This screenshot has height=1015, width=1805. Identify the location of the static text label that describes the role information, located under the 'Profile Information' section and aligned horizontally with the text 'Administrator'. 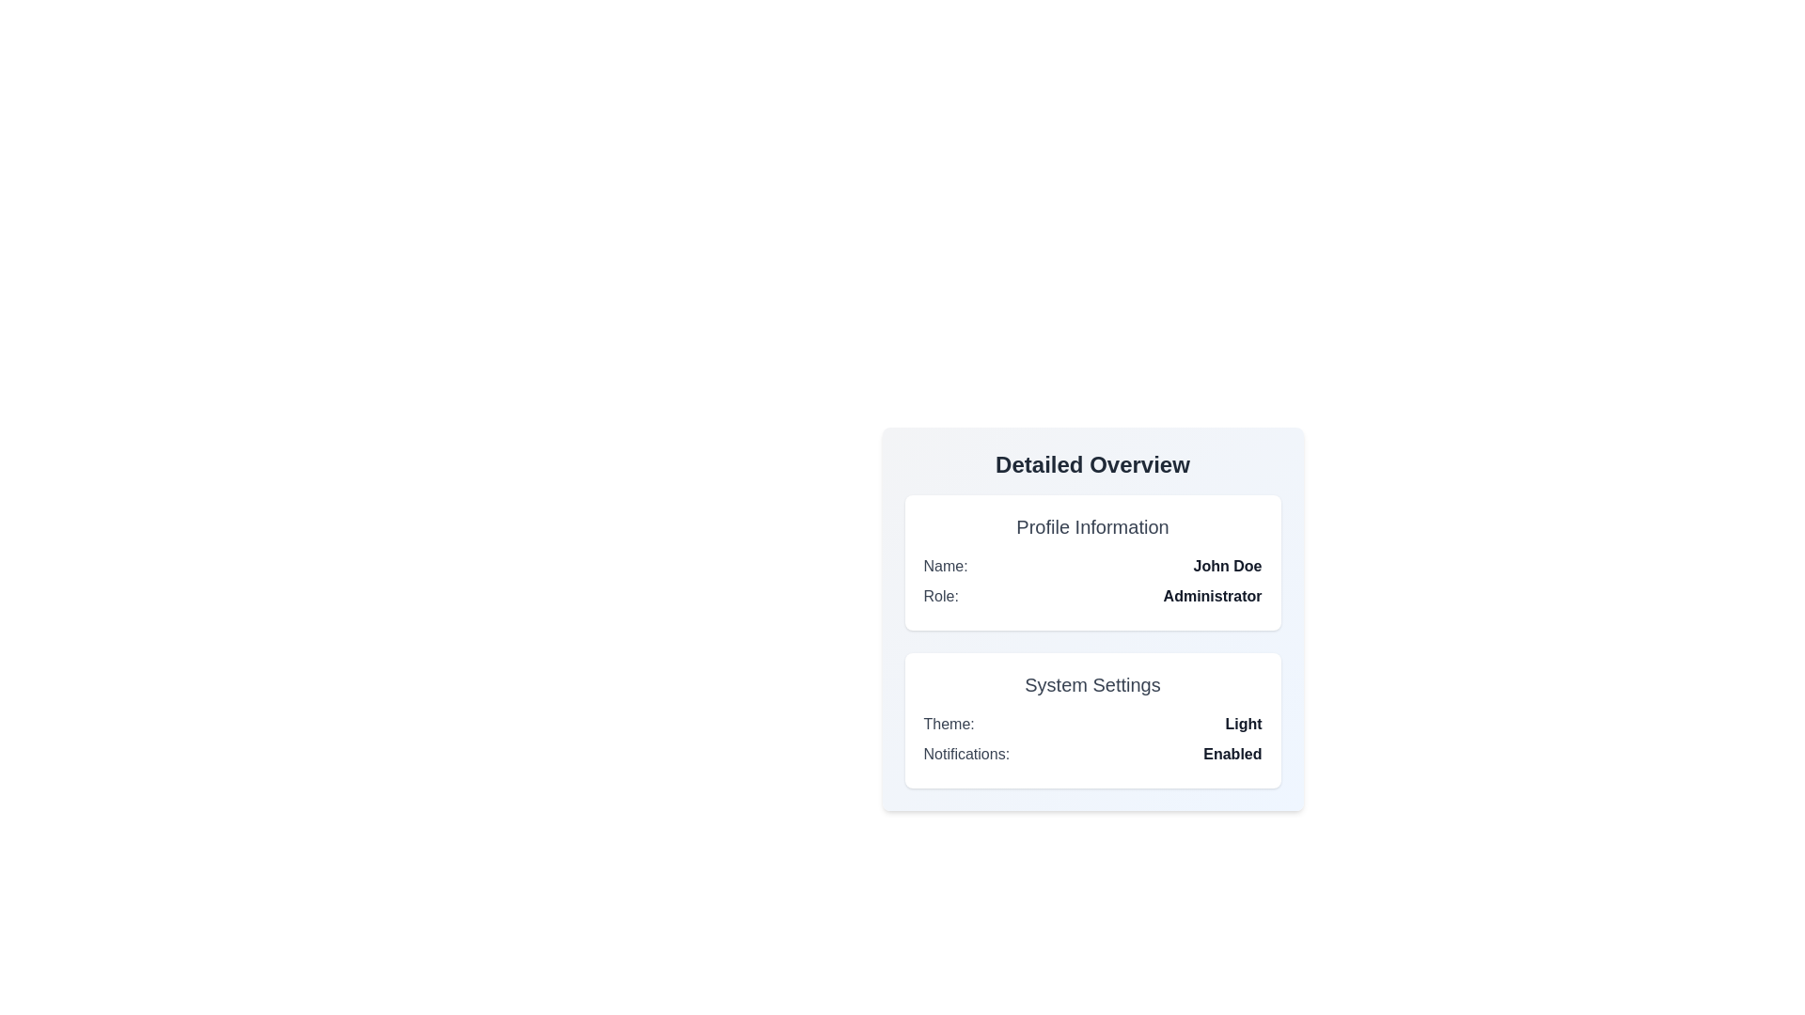
(941, 597).